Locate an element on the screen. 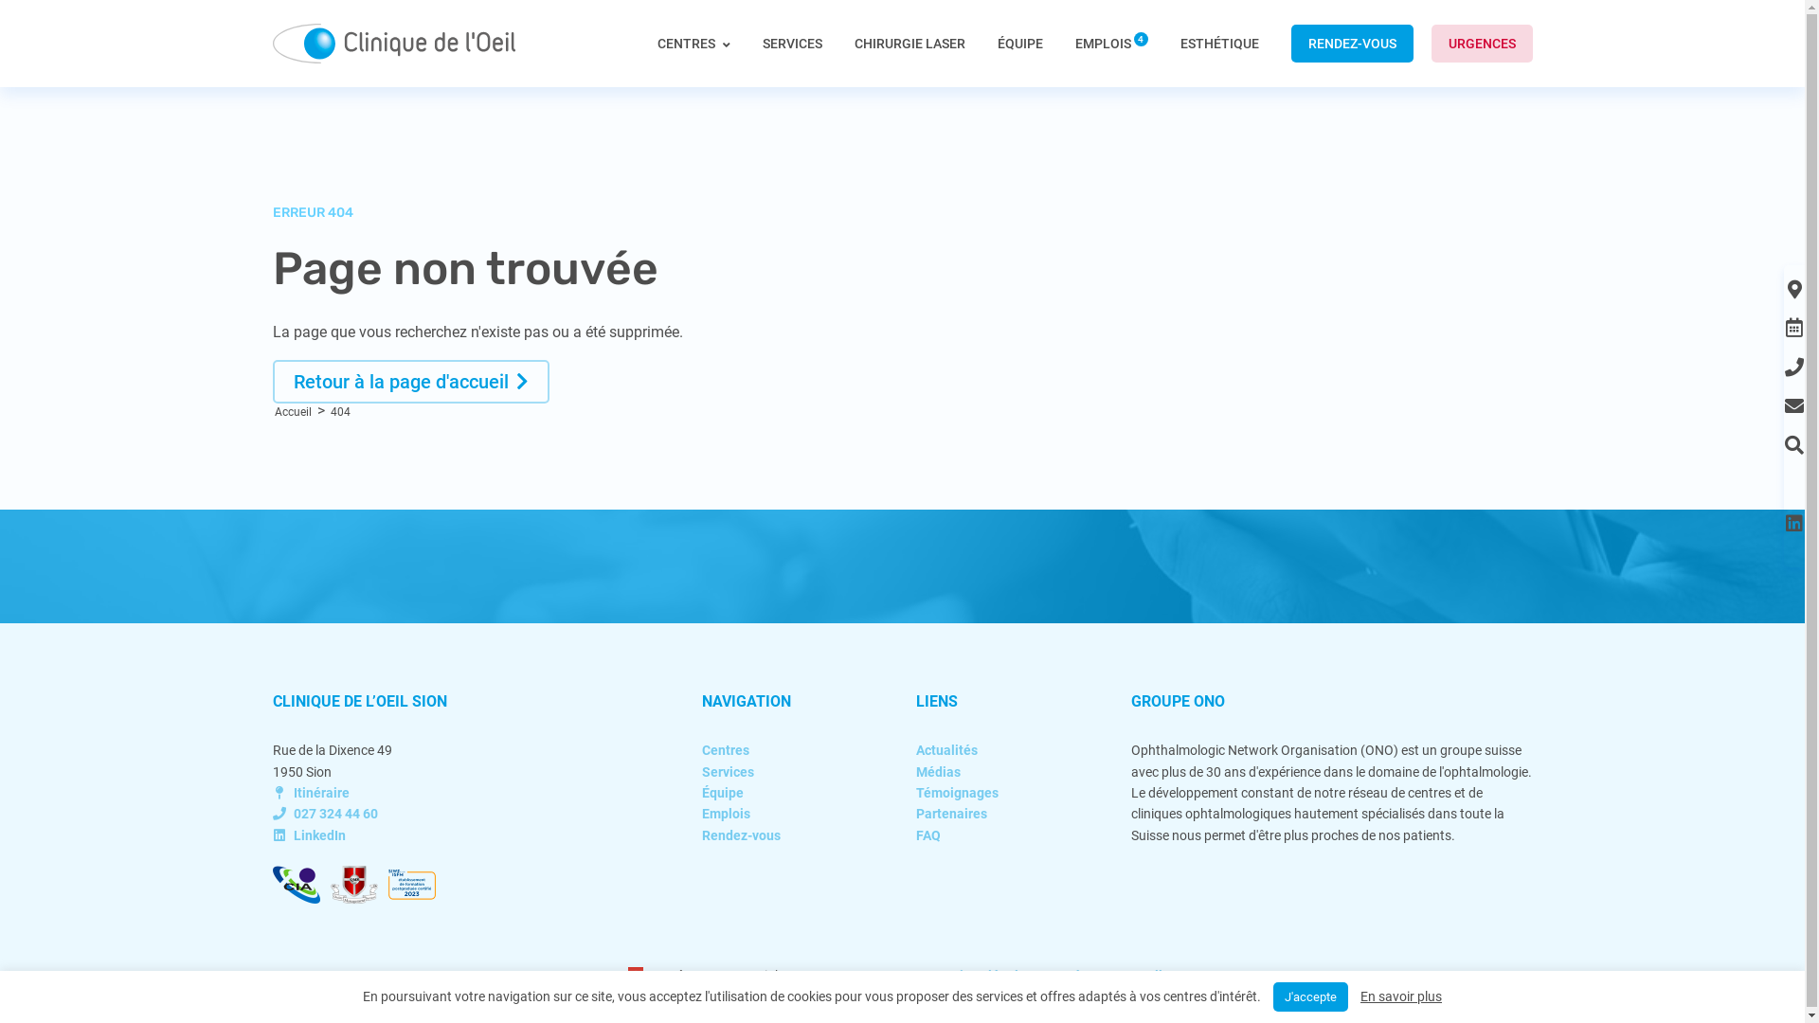 Image resolution: width=1819 pixels, height=1023 pixels. 'J'accepte' is located at coordinates (1309, 996).